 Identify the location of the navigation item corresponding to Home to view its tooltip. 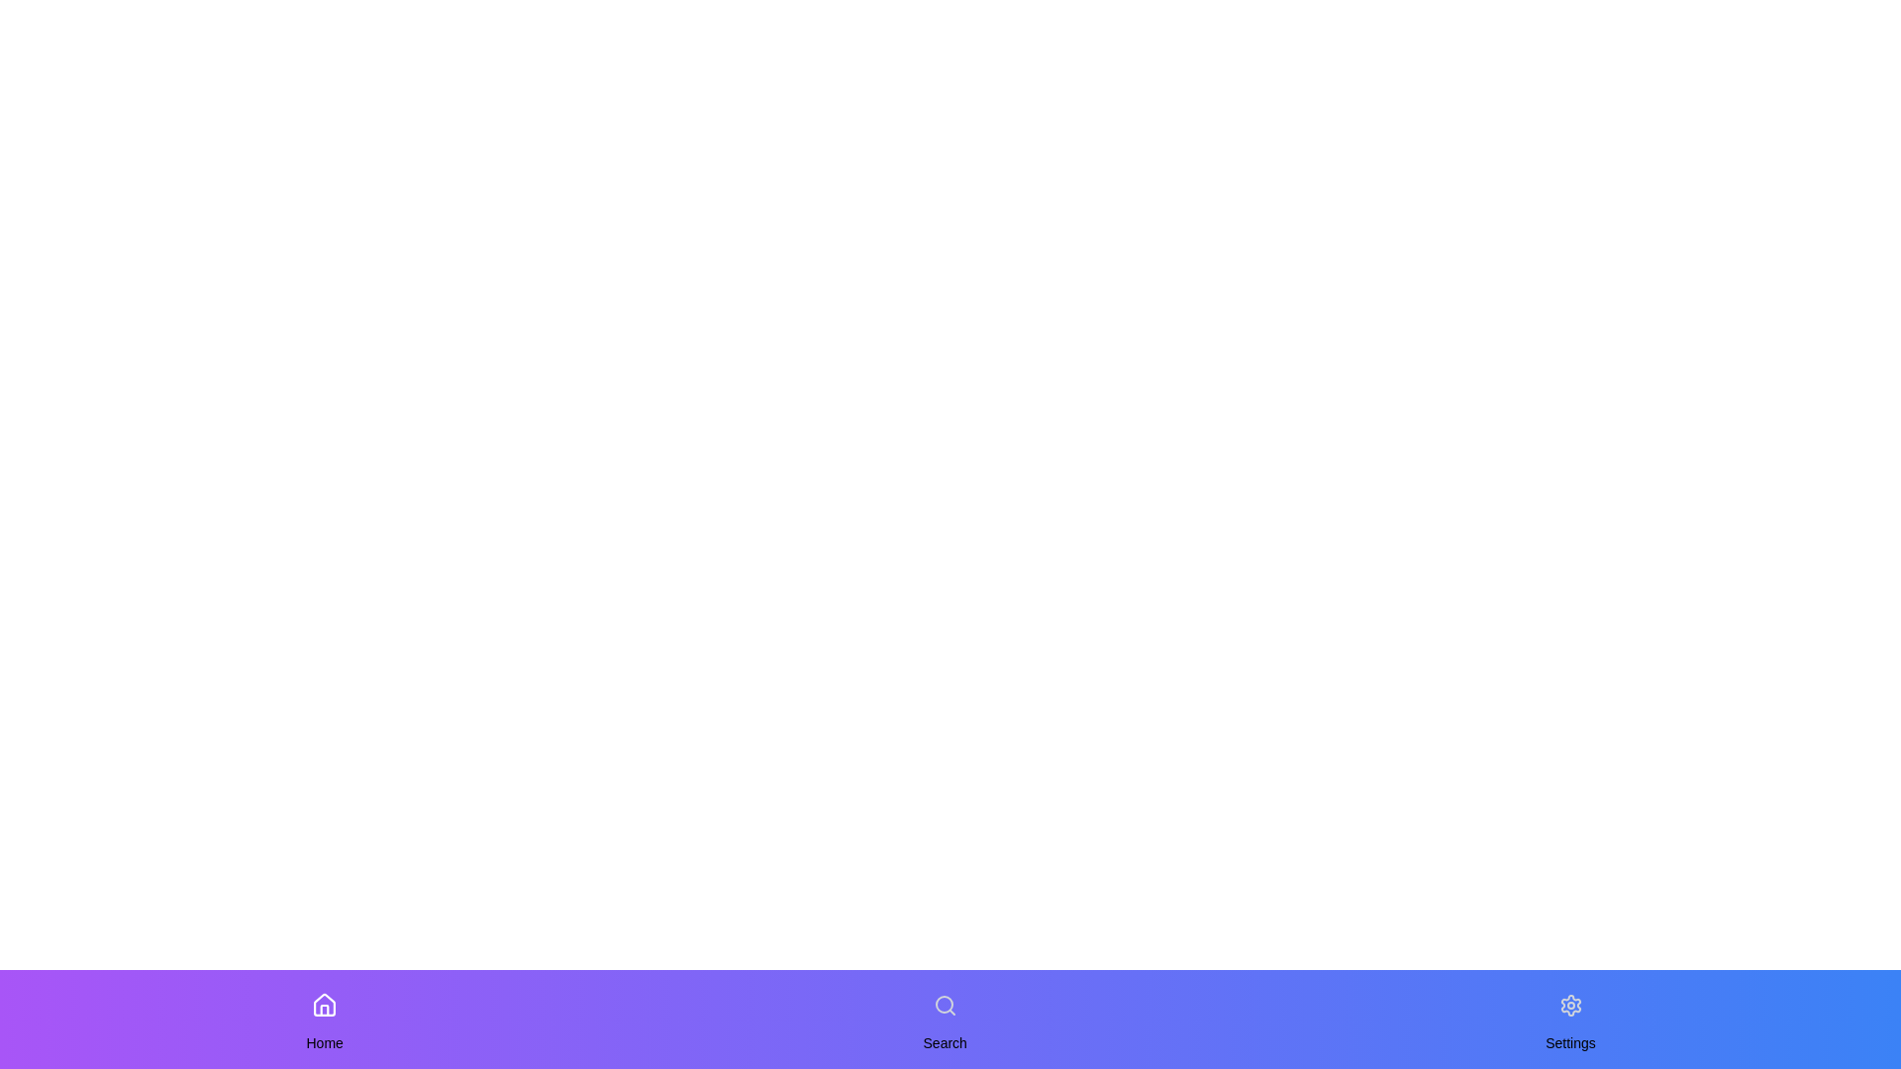
(325, 1005).